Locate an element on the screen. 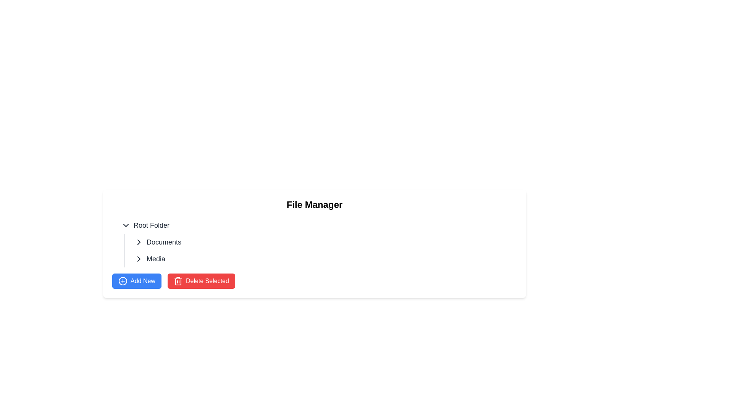 The height and width of the screenshot is (412, 733). the core circular element of the 'circle plus' icon, which is part of the 'Add New' blue button located below the 'Root Folder' hierarchy is located at coordinates (123, 281).